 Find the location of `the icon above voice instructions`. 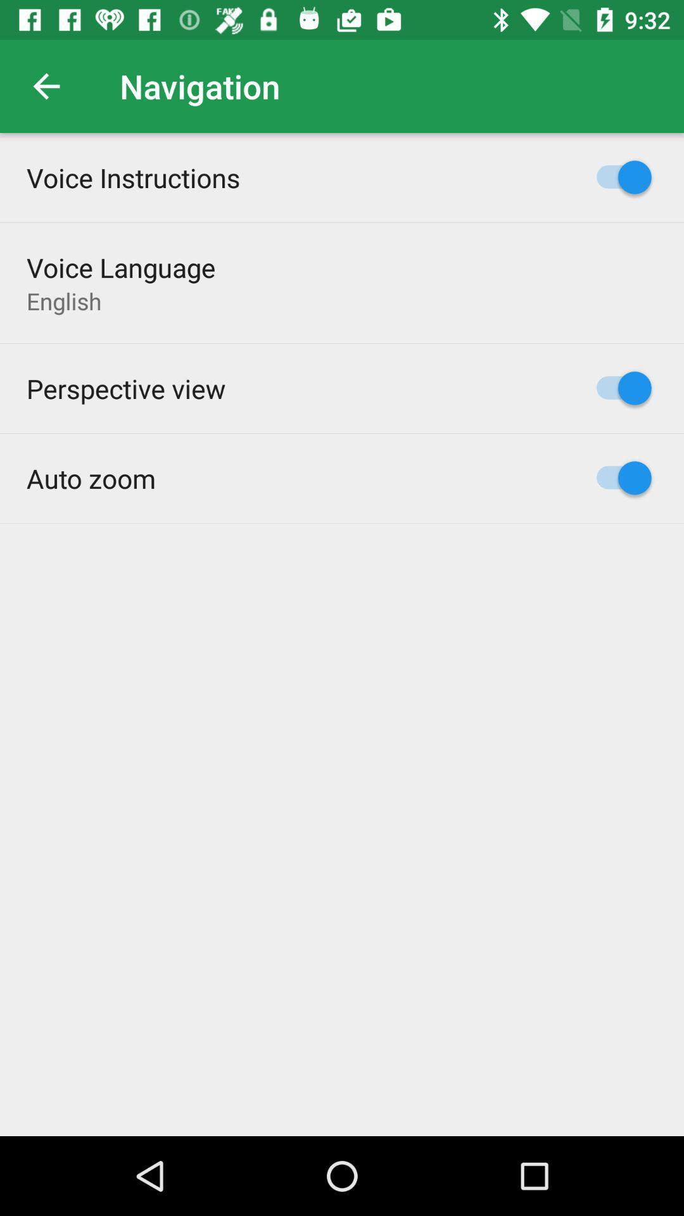

the icon above voice instructions is located at coordinates (46, 85).